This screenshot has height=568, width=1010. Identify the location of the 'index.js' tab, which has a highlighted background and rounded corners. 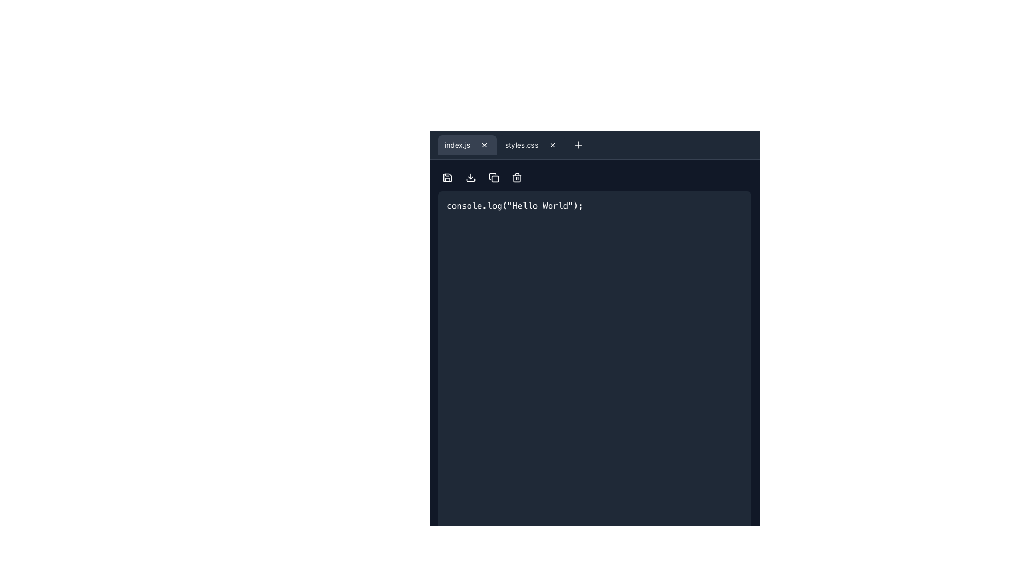
(467, 145).